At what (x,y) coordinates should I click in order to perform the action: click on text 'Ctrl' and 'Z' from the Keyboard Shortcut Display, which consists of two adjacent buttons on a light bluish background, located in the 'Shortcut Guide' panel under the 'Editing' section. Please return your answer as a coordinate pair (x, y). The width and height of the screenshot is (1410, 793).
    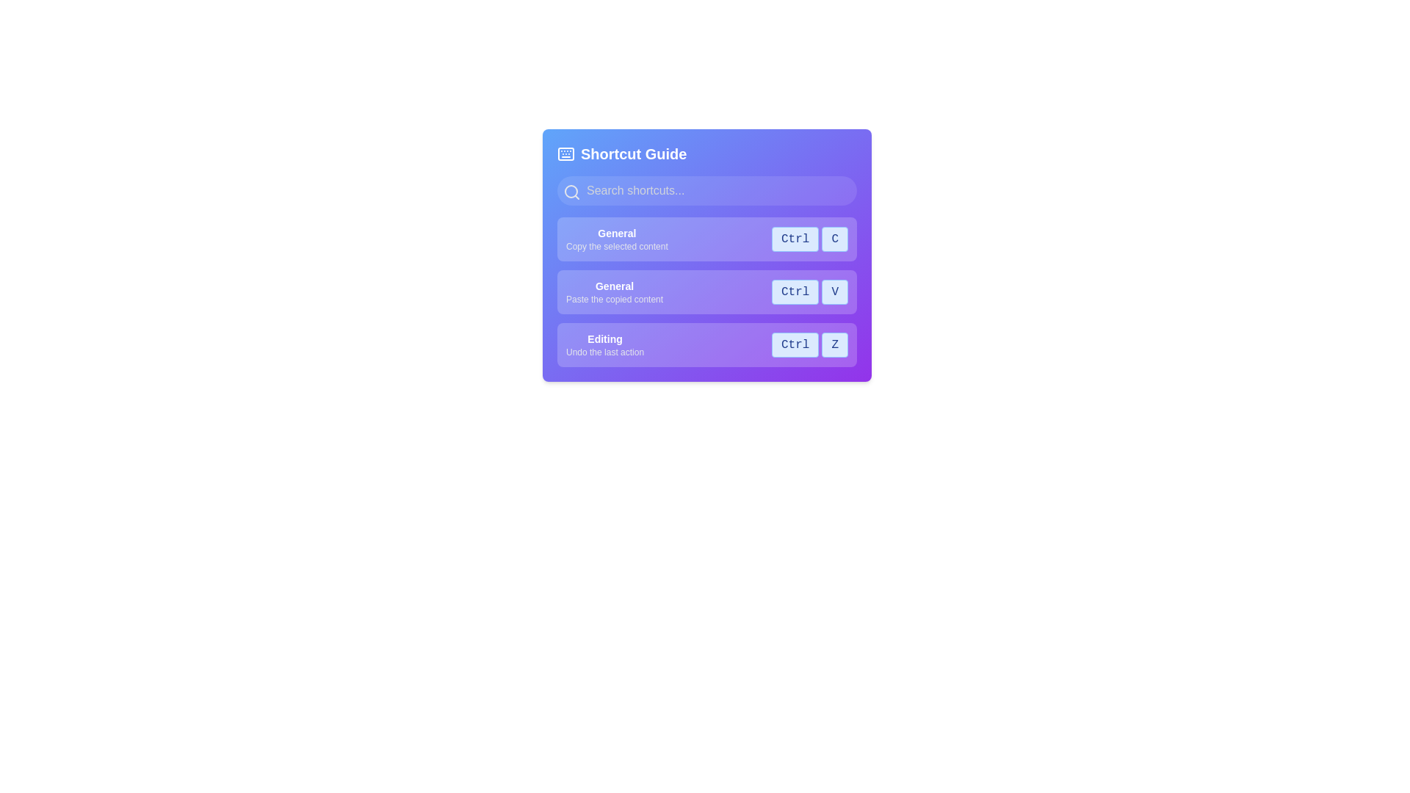
    Looking at the image, I should click on (809, 345).